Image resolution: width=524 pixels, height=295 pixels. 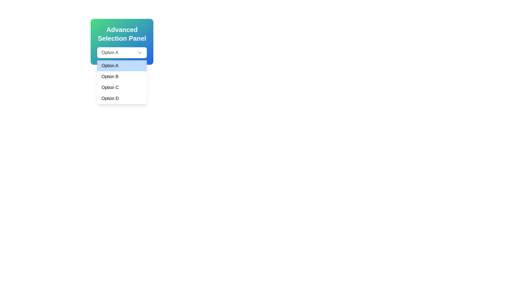 I want to click on the first option 'Option A' in the dropdown menu located below the 'Advanced Selection Panel', so click(x=121, y=65).